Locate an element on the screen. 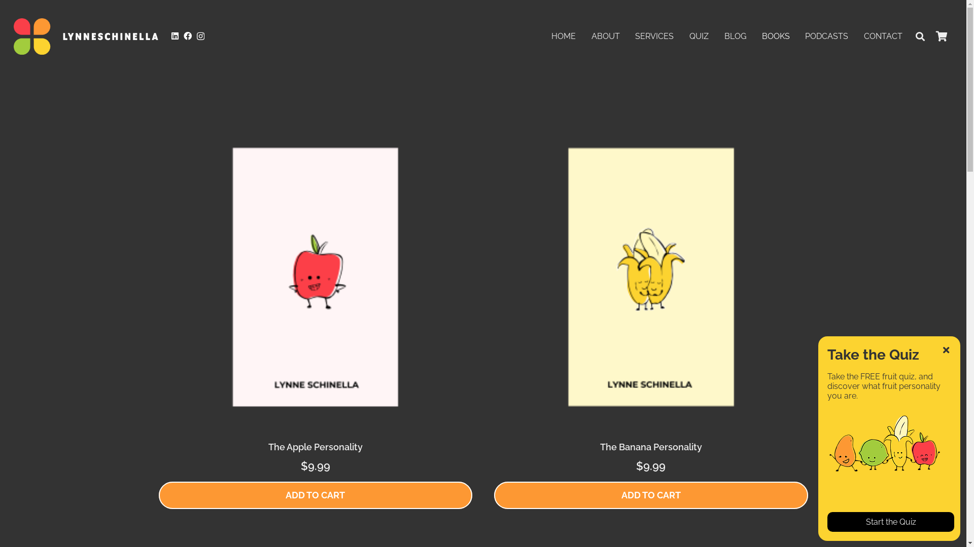 The image size is (974, 547). 'ADD TO CART' is located at coordinates (494, 495).